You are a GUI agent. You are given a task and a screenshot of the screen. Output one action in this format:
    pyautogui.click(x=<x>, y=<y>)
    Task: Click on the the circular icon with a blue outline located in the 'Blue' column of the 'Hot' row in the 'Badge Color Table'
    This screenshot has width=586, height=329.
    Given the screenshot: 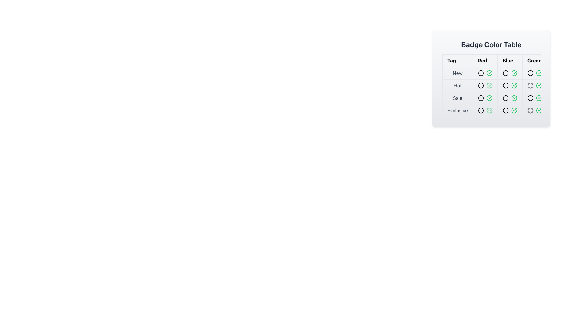 What is the action you would take?
    pyautogui.click(x=505, y=86)
    